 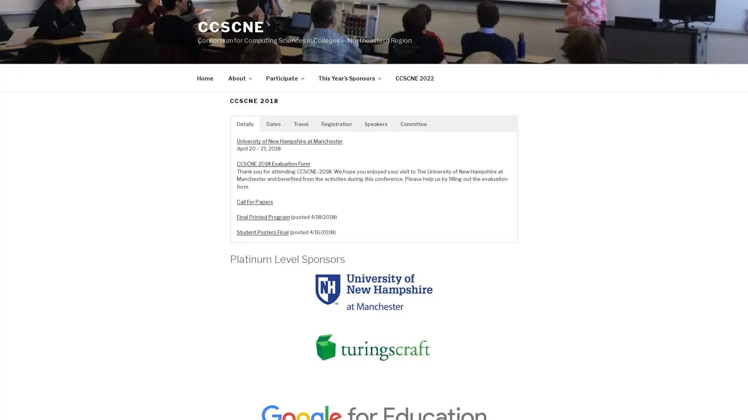 I want to click on Registration, so click(x=337, y=123).